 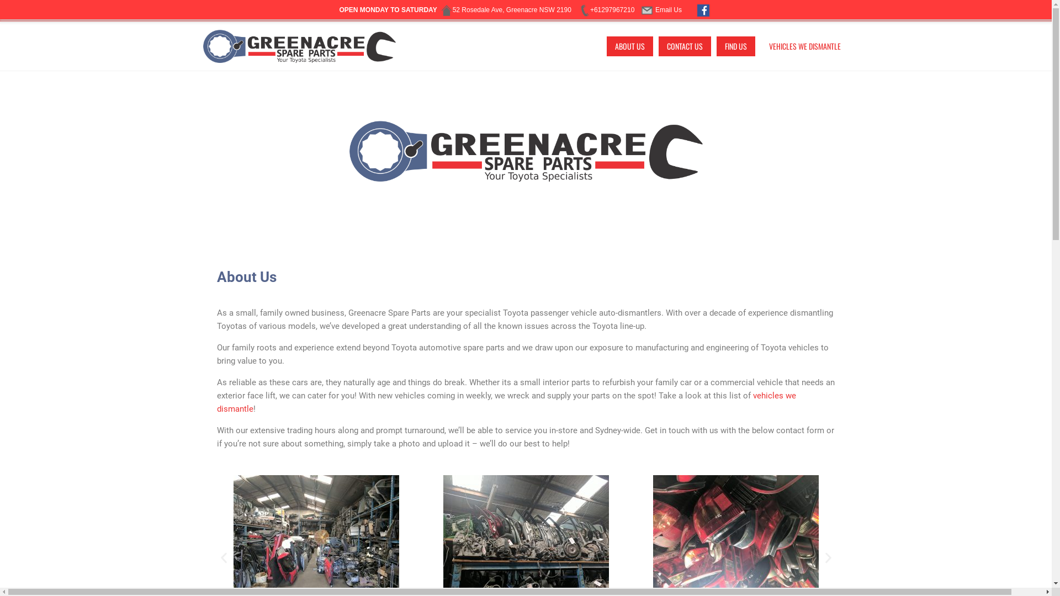 I want to click on 'ABOUT US', so click(x=629, y=46).